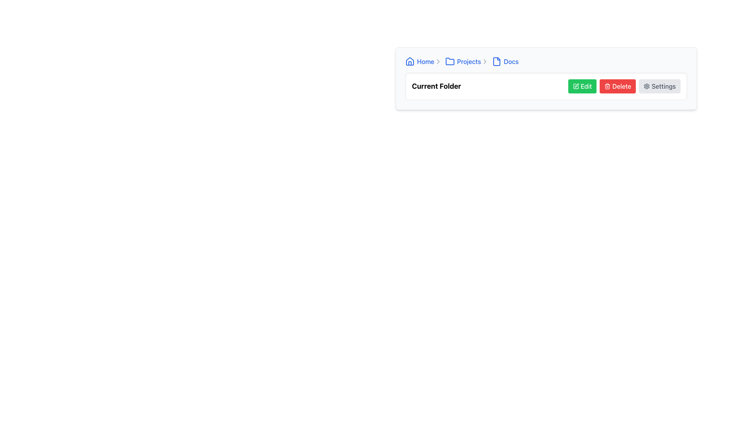 This screenshot has width=754, height=424. I want to click on the 'Docs' text label in the breadcrumb navigation to observe any hover effects, so click(511, 61).